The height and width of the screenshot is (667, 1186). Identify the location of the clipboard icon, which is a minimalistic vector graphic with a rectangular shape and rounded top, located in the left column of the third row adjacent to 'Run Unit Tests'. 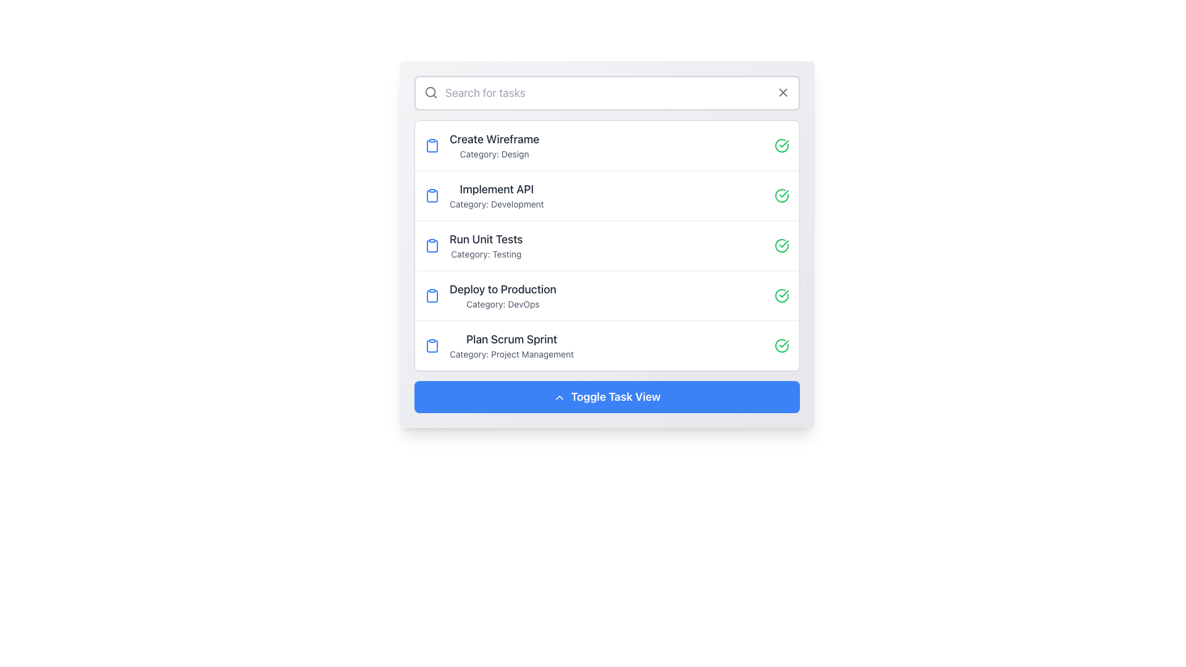
(432, 246).